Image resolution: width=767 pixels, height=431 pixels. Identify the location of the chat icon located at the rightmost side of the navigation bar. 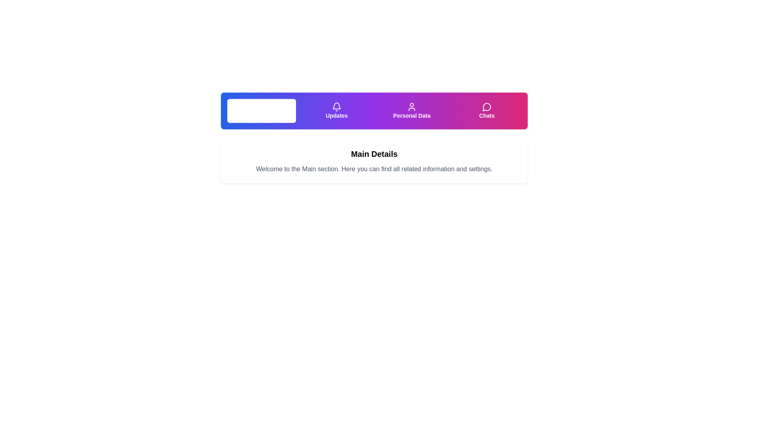
(487, 106).